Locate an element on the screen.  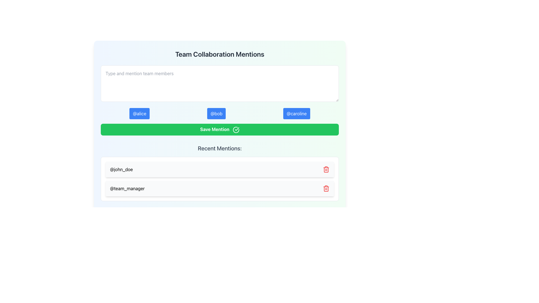
the second blue button that activates functionality related to the mention '@bob' is located at coordinates (219, 114).